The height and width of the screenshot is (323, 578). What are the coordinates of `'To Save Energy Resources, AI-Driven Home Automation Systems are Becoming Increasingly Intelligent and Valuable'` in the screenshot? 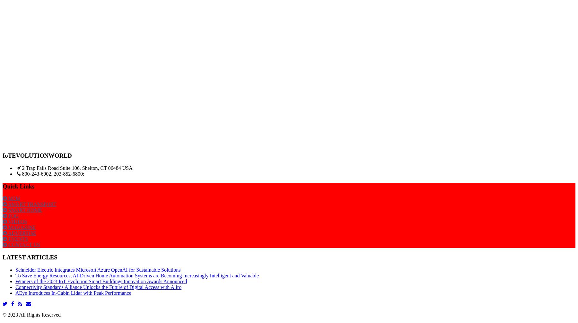 It's located at (137, 275).